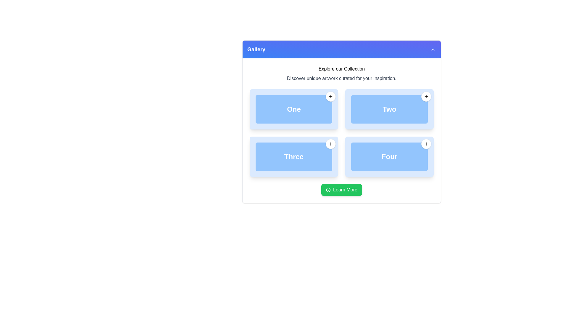 The image size is (568, 320). I want to click on the rectangular button with a light blue background and bold white text 'Two', so click(389, 109).